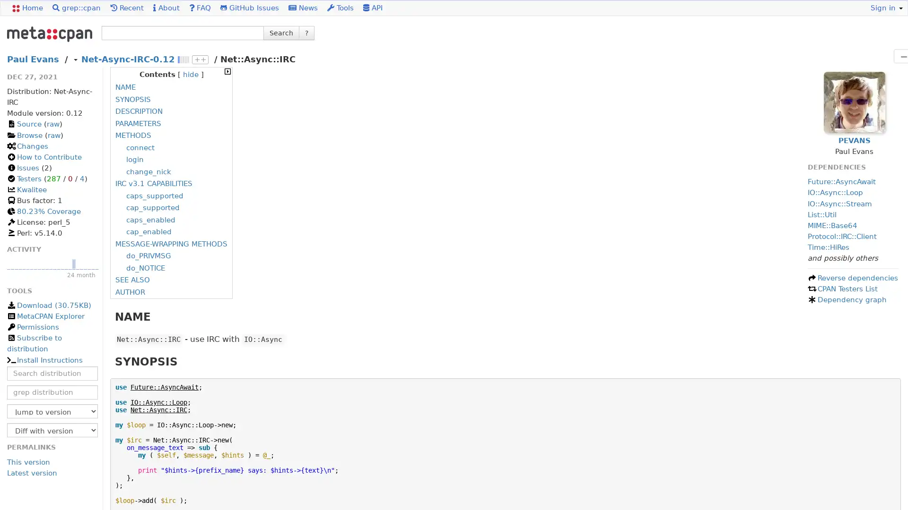 The image size is (908, 510). I want to click on Search, so click(281, 32).